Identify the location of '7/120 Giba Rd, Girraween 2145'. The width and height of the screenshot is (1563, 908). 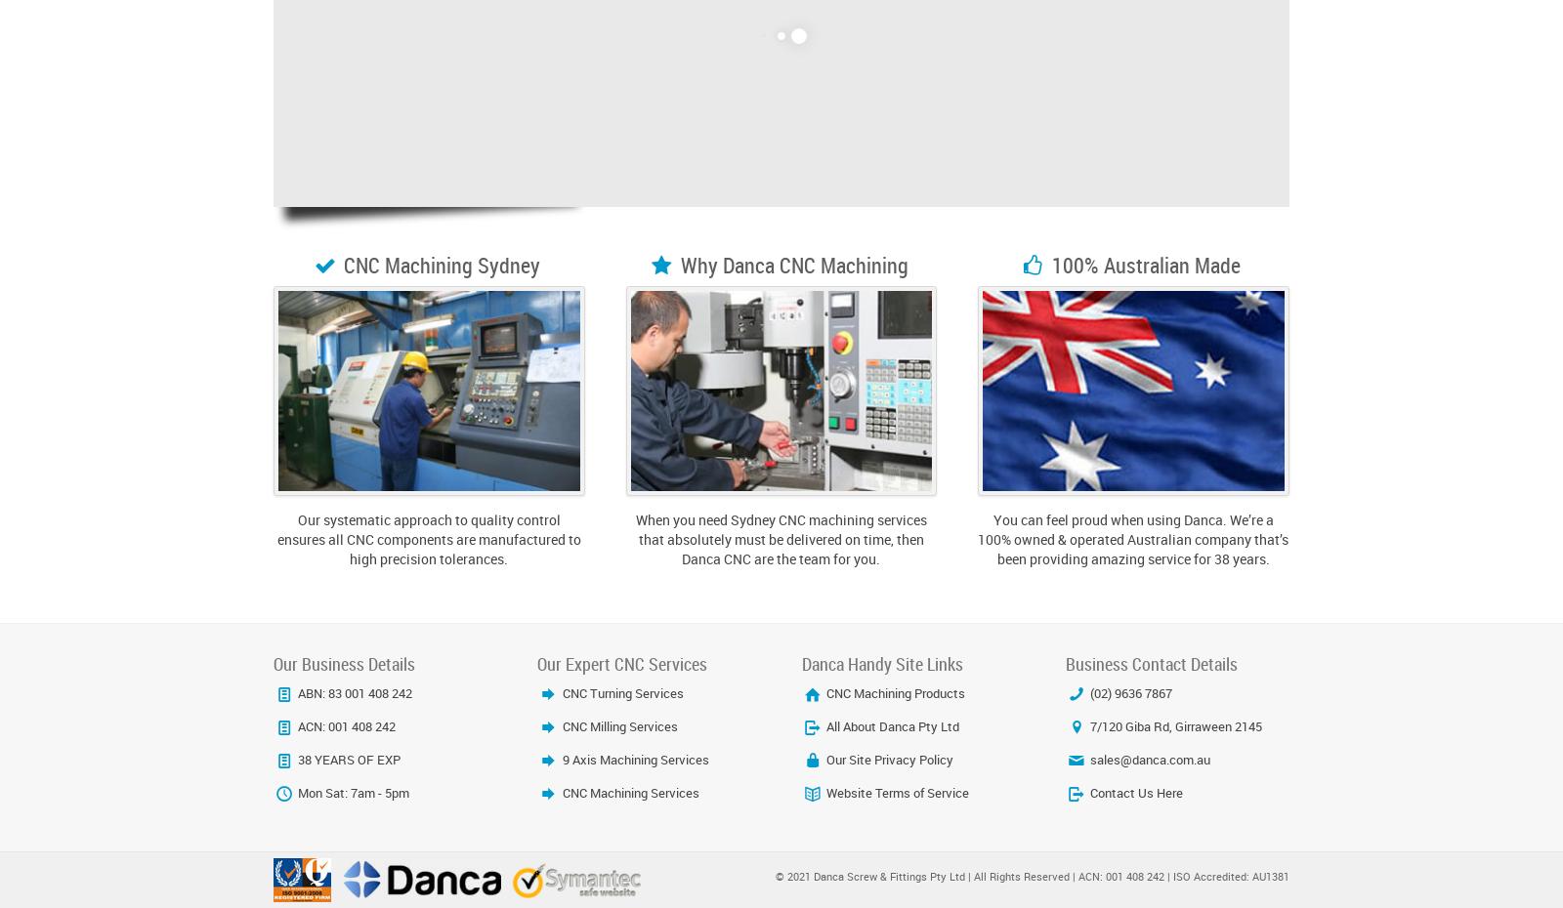
(1173, 724).